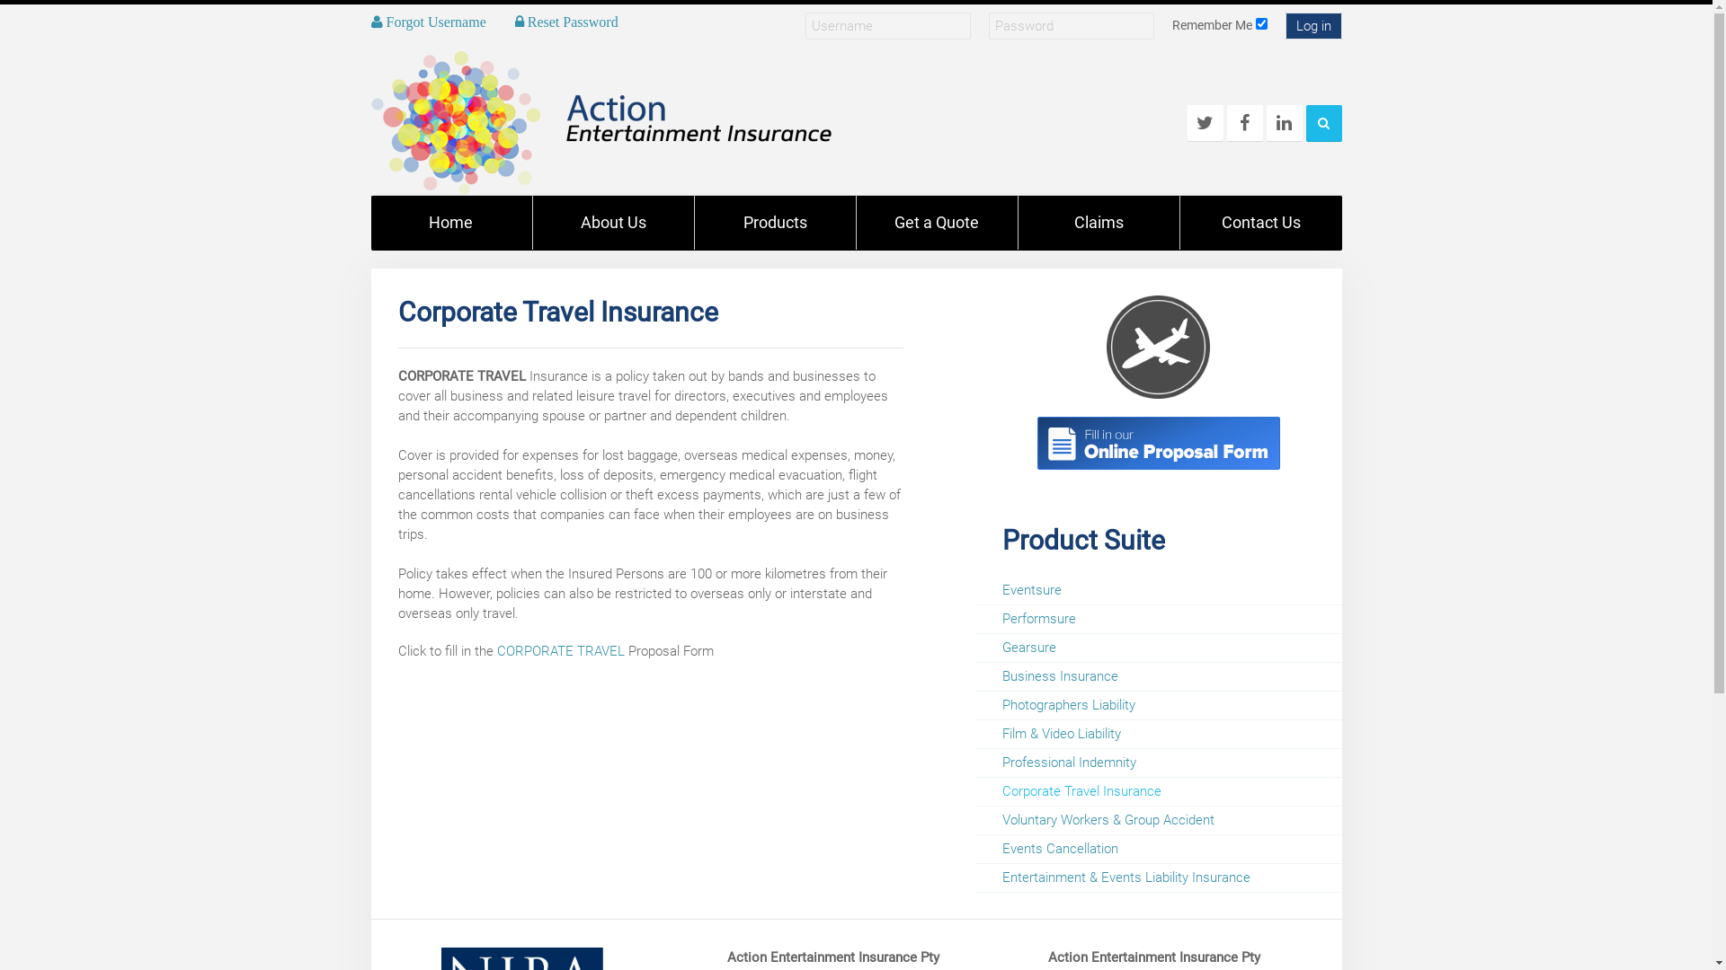 This screenshot has height=970, width=1726. What do you see at coordinates (1157, 820) in the screenshot?
I see `'Voluntary Workers & Group Accident'` at bounding box center [1157, 820].